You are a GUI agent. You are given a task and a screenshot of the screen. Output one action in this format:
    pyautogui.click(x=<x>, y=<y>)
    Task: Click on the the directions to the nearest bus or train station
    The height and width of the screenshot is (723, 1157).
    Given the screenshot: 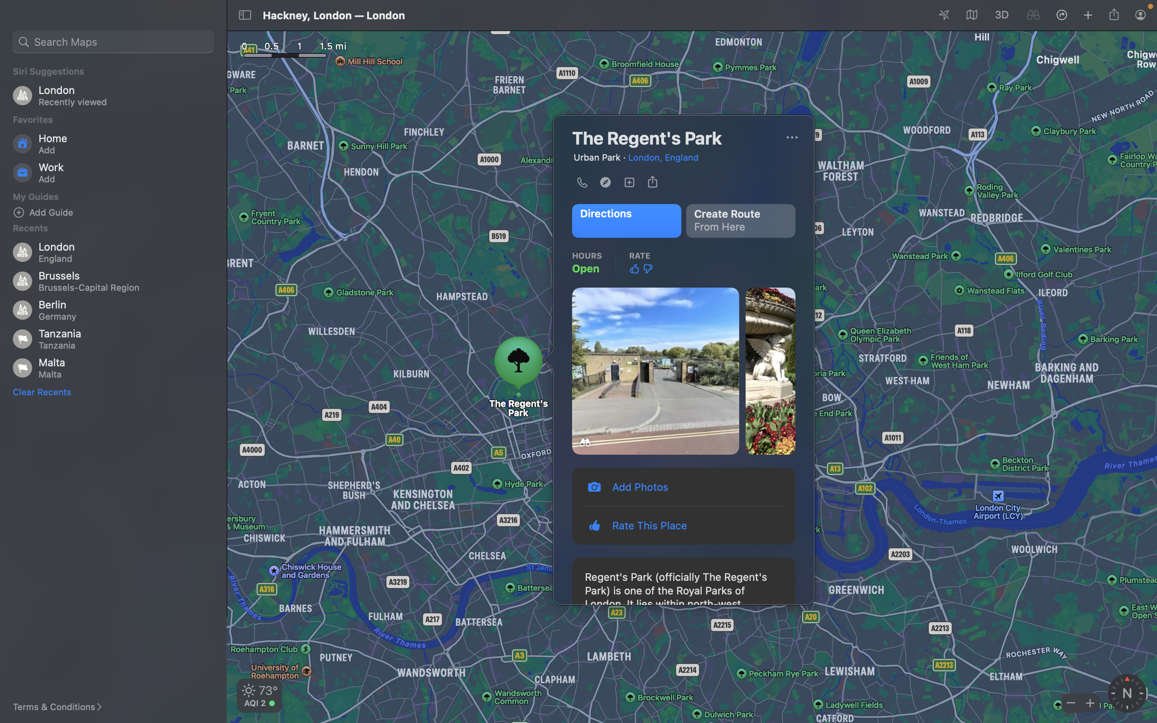 What is the action you would take?
    pyautogui.click(x=625, y=220)
    